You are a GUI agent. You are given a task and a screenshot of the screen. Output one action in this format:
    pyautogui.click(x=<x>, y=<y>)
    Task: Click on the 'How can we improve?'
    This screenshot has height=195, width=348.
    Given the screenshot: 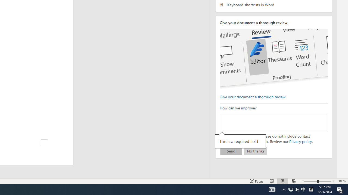 What is the action you would take?
    pyautogui.click(x=274, y=122)
    